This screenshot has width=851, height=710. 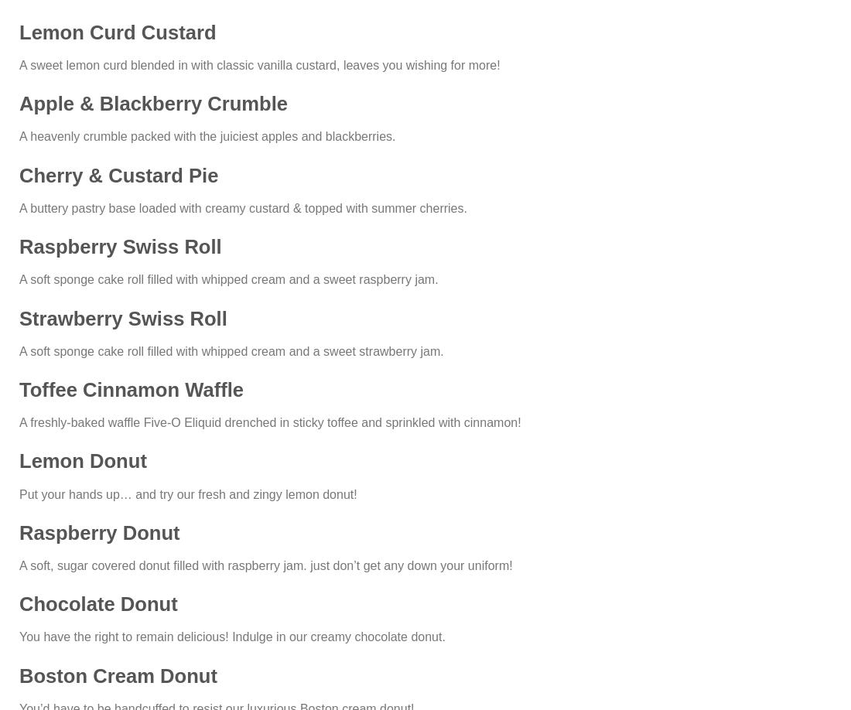 I want to click on 'A soft, sugar covered donut filled with raspberry jam. just don’t get any down your uniform!', so click(x=265, y=564).